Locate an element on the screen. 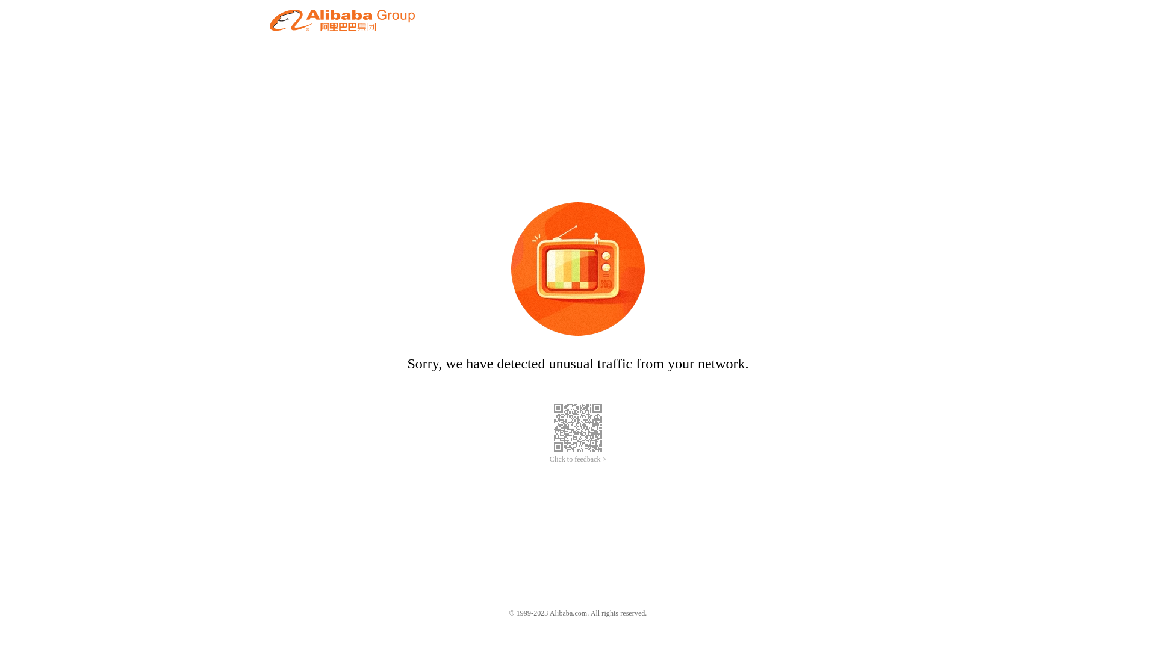  'Click to feedback >' is located at coordinates (578, 459).